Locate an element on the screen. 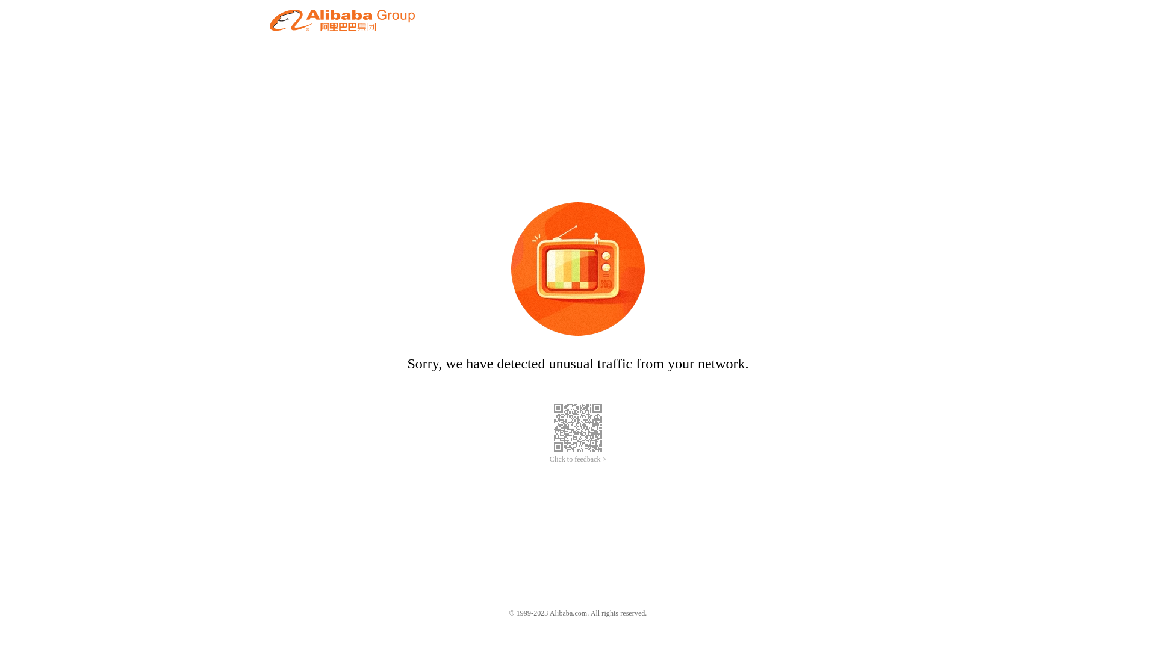  'Click to feedback >' is located at coordinates (578, 459).